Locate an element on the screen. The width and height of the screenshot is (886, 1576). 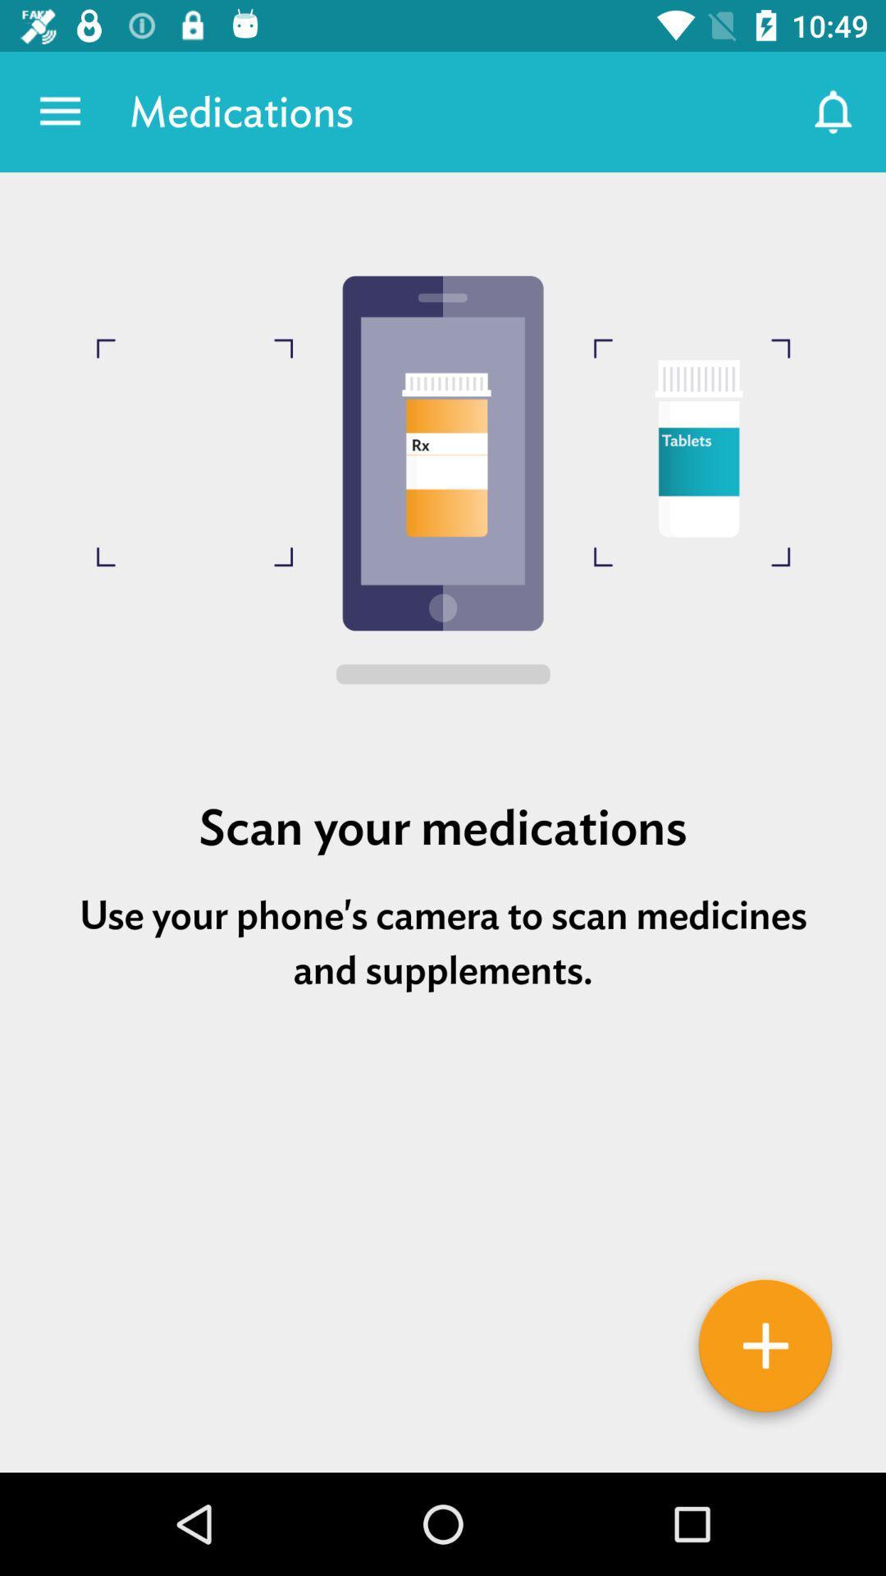
medication is located at coordinates (765, 1351).